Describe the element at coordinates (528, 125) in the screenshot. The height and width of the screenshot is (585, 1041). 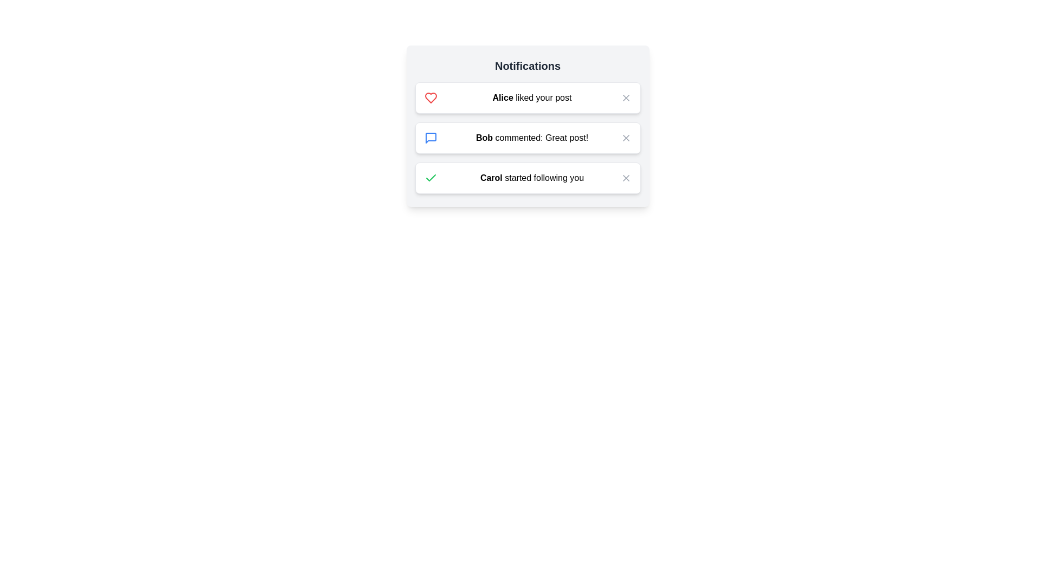
I see `the Notification card that displays a comment from 'Bob'` at that location.